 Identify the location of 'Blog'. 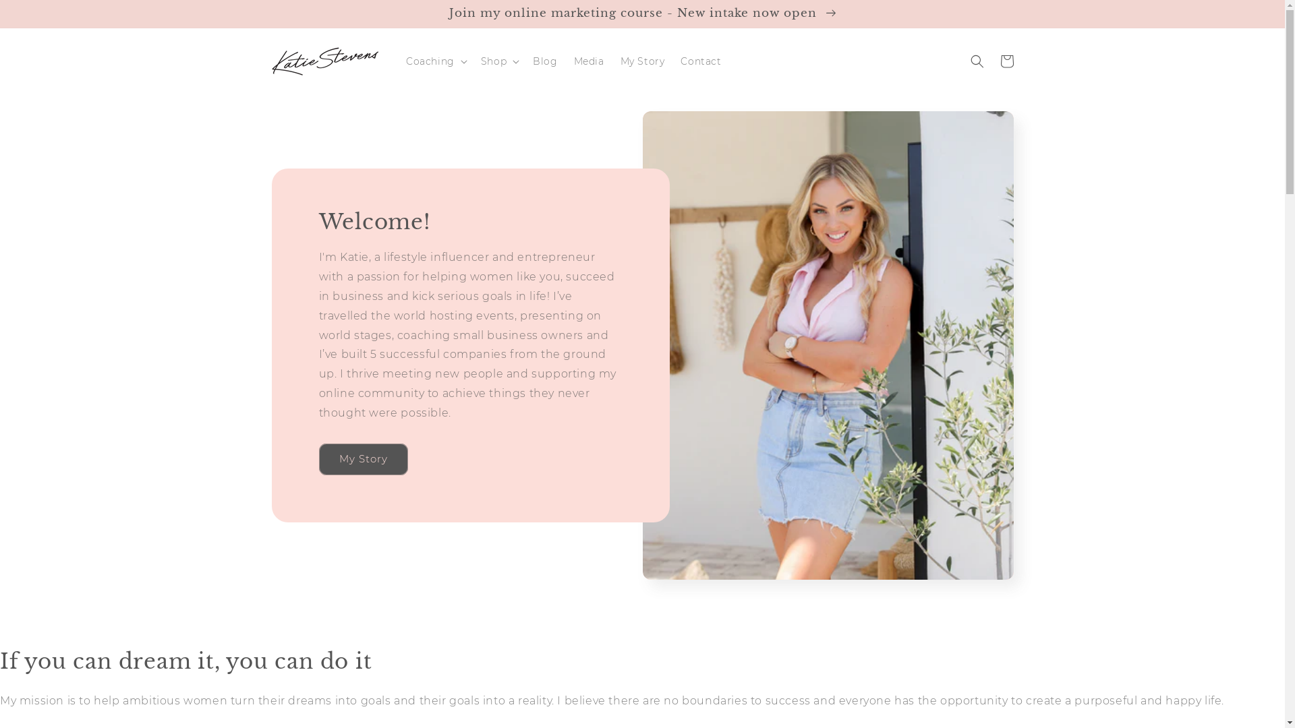
(544, 61).